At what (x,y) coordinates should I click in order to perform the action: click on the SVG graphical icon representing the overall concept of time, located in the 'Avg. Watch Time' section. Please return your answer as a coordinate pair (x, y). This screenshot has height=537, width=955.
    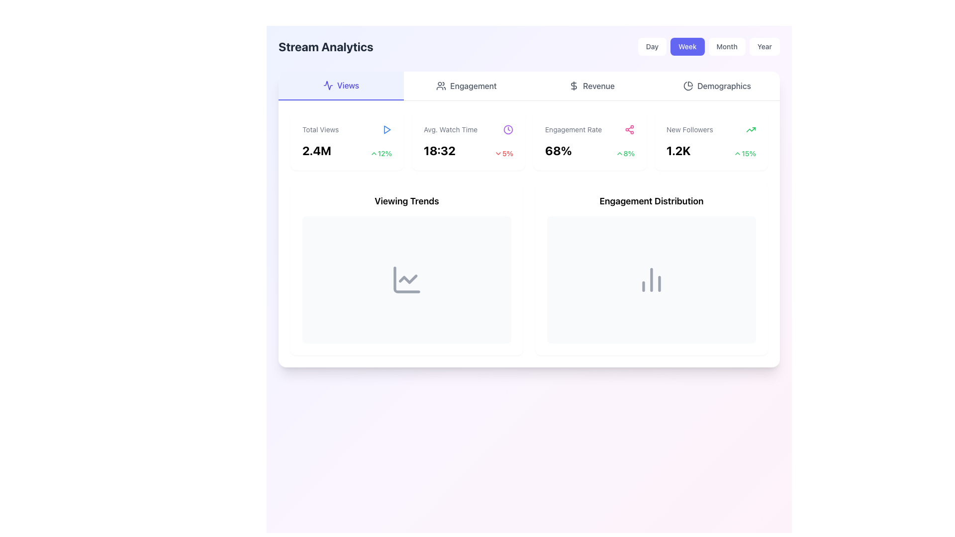
    Looking at the image, I should click on (508, 129).